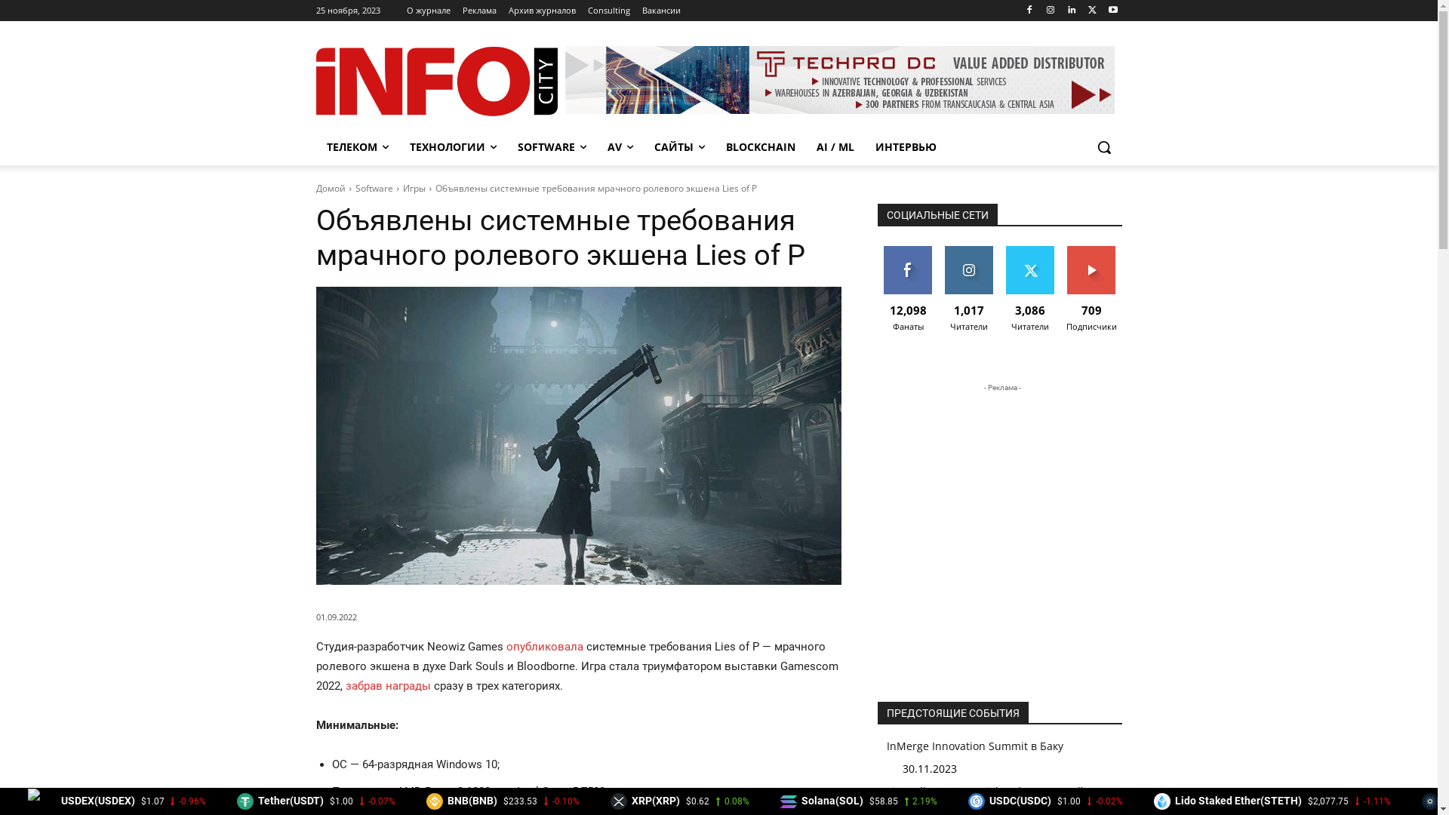  Describe the element at coordinates (354, 187) in the screenshot. I see `'Software'` at that location.